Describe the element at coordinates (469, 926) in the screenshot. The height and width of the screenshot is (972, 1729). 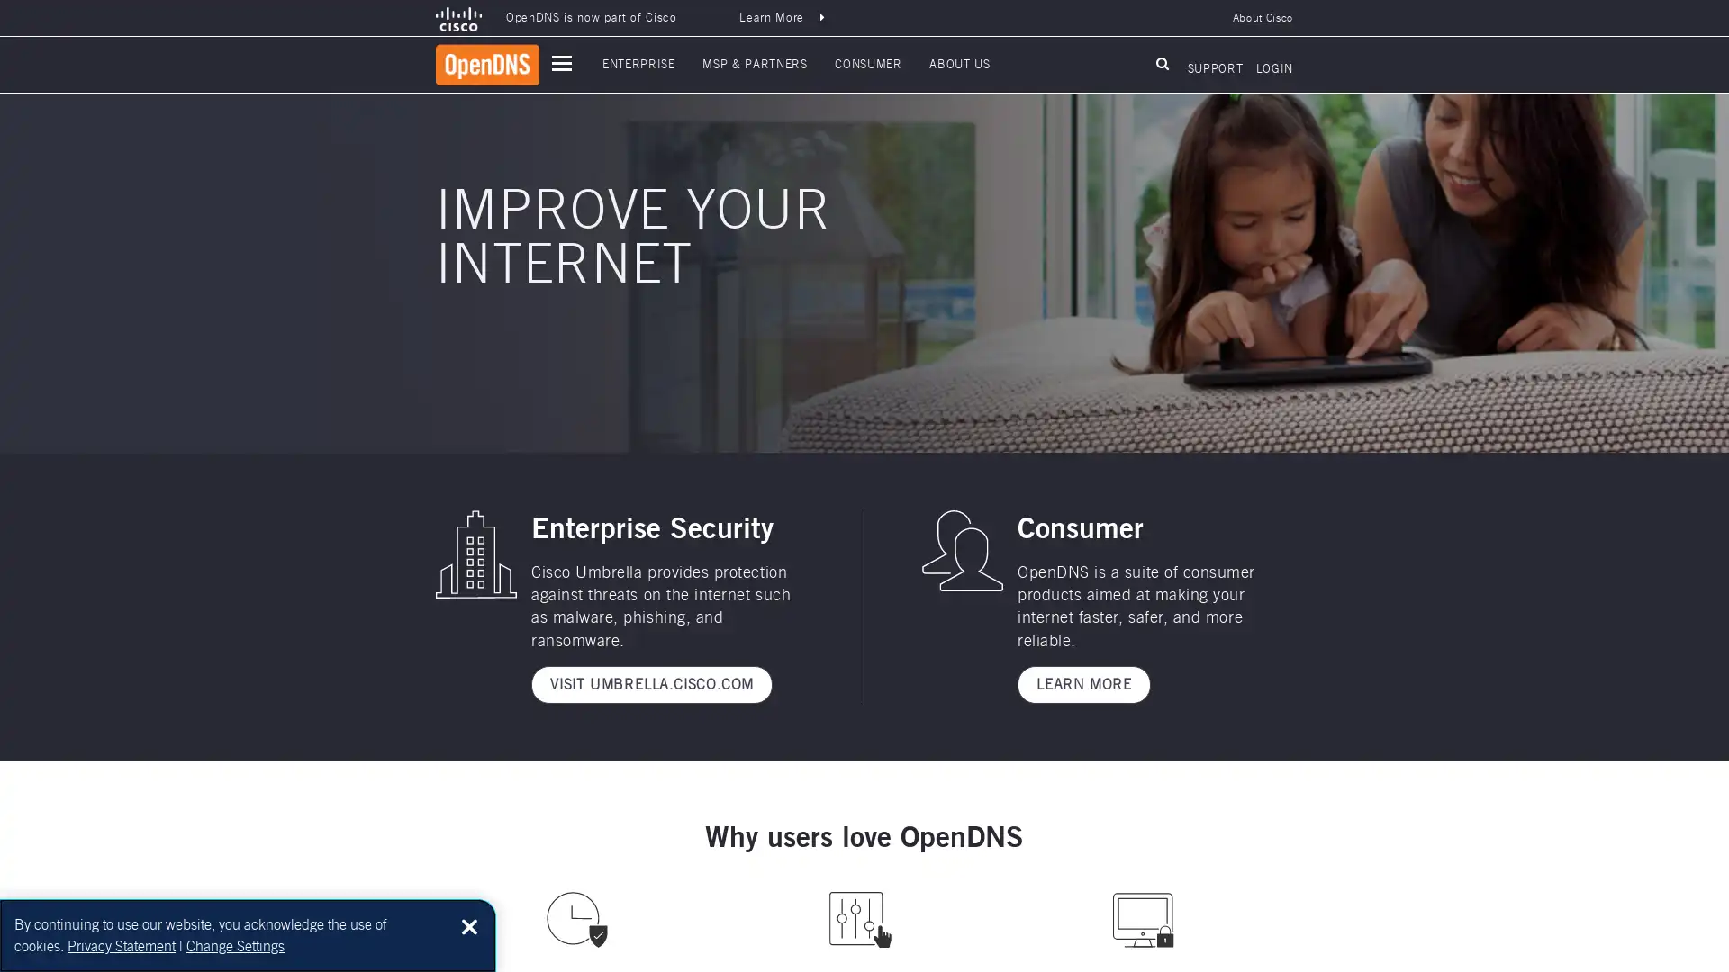
I see `Close` at that location.